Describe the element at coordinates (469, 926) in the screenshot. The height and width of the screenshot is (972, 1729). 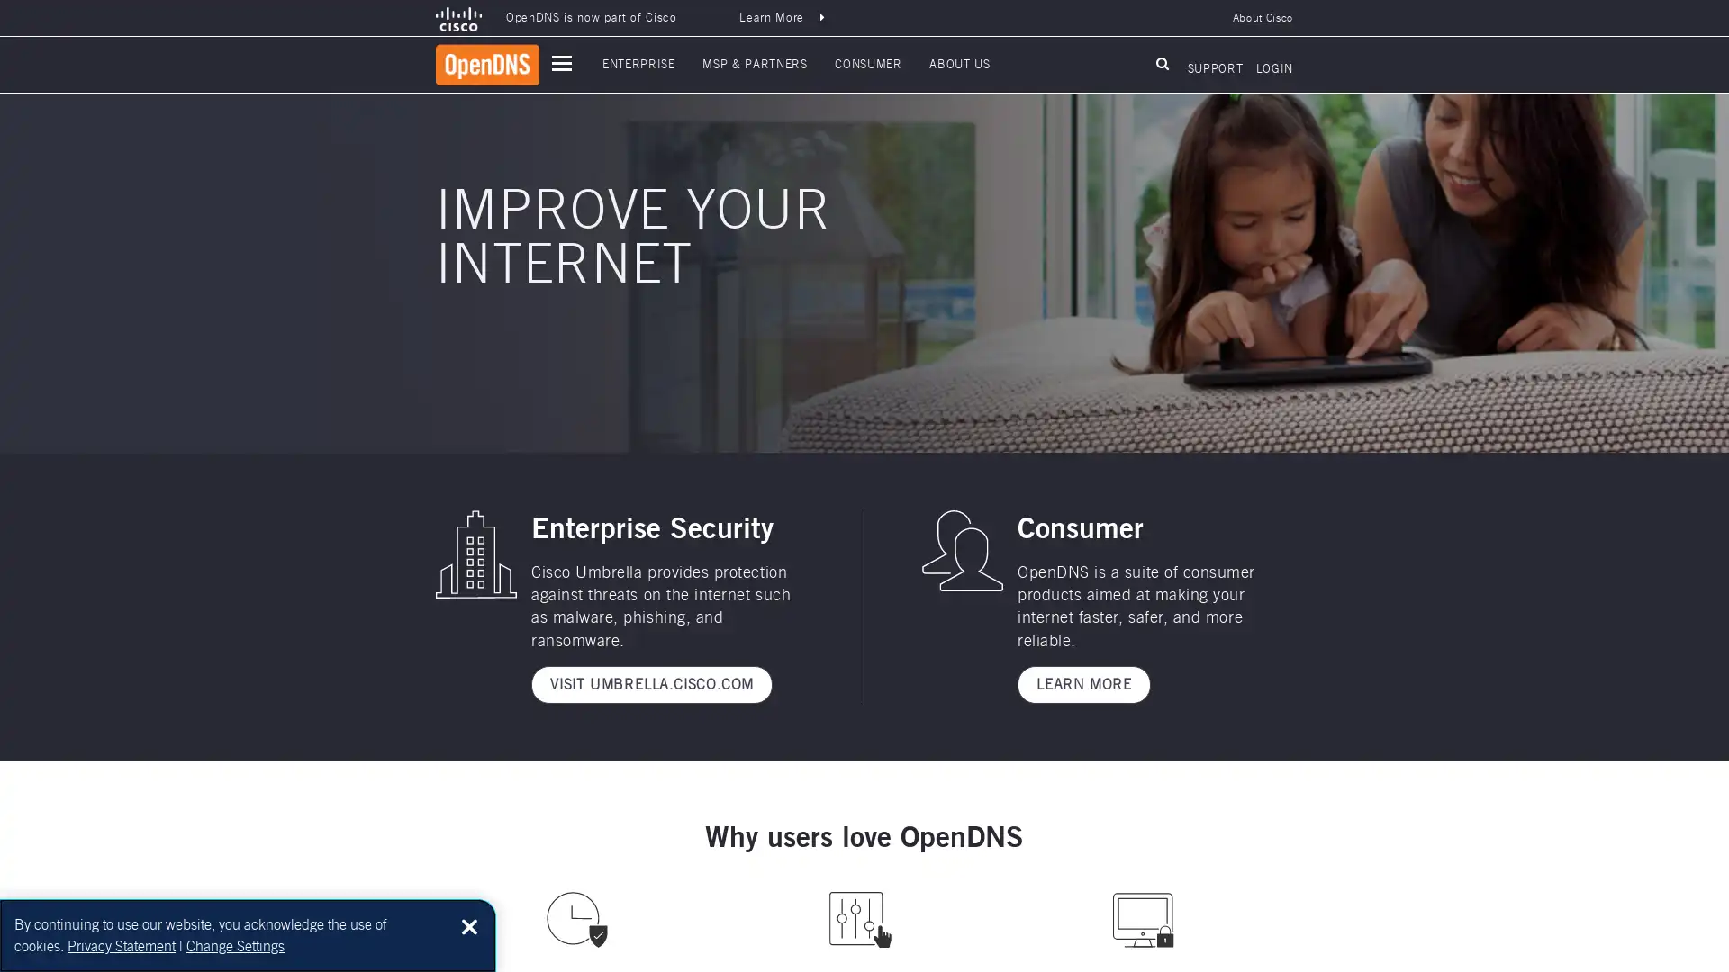
I see `Close` at that location.